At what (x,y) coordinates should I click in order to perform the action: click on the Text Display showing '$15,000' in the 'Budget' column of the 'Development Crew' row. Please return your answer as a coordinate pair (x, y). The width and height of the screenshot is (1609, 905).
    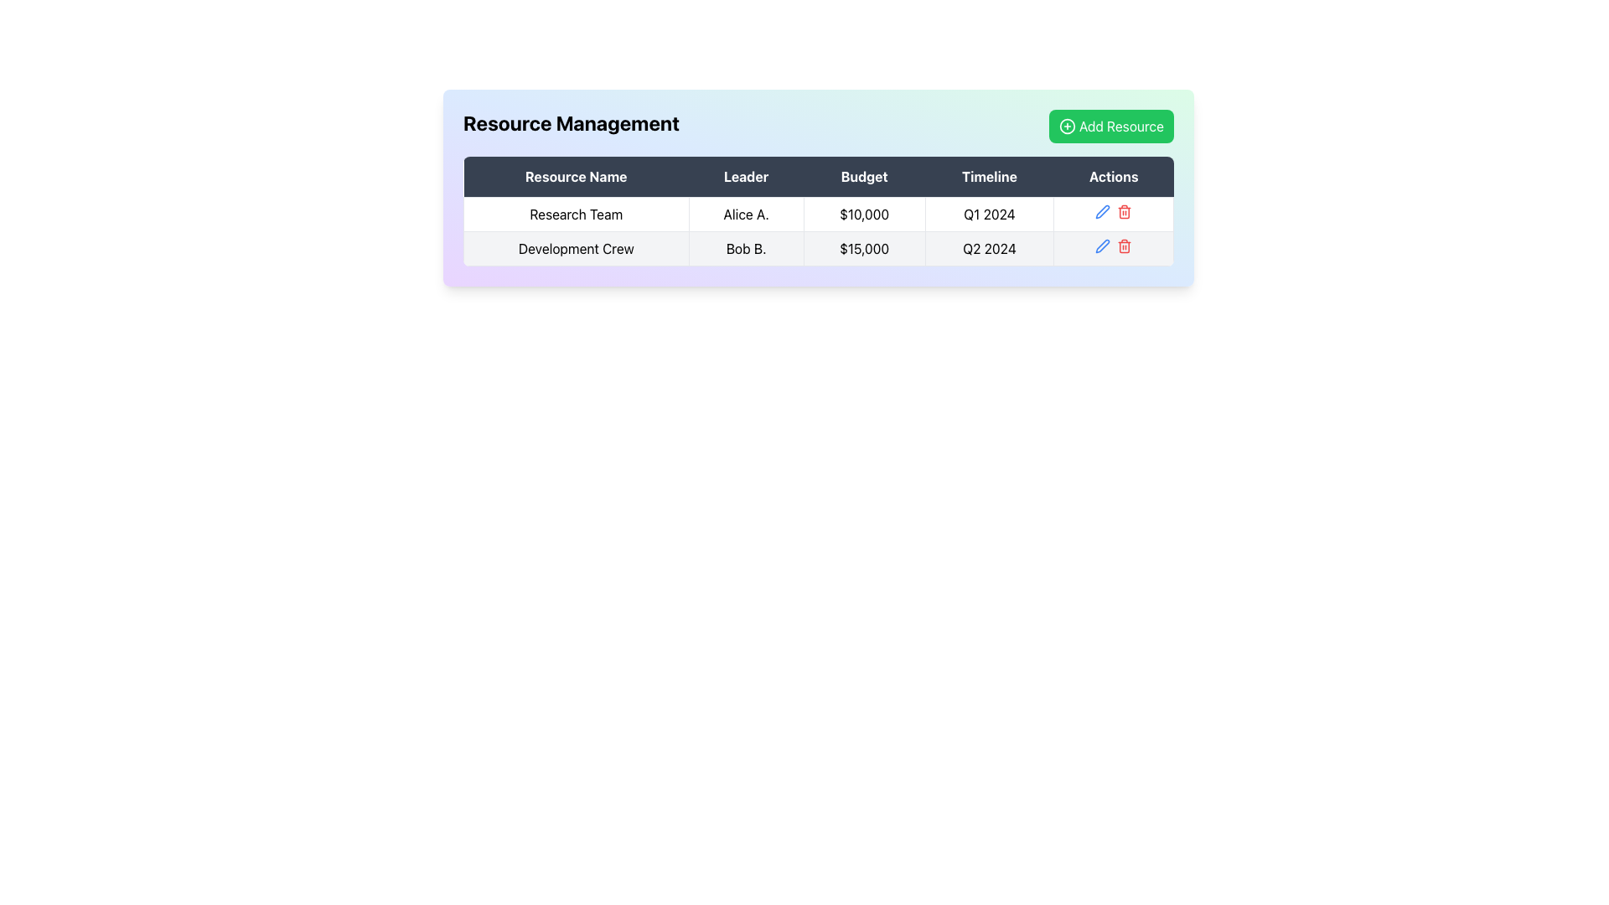
    Looking at the image, I should click on (864, 249).